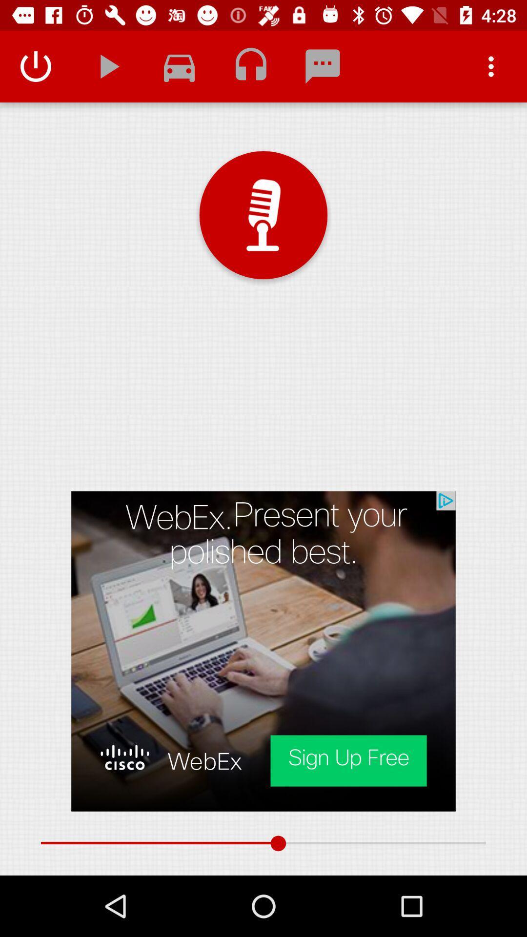 The image size is (527, 937). I want to click on the power icon, so click(35, 66).